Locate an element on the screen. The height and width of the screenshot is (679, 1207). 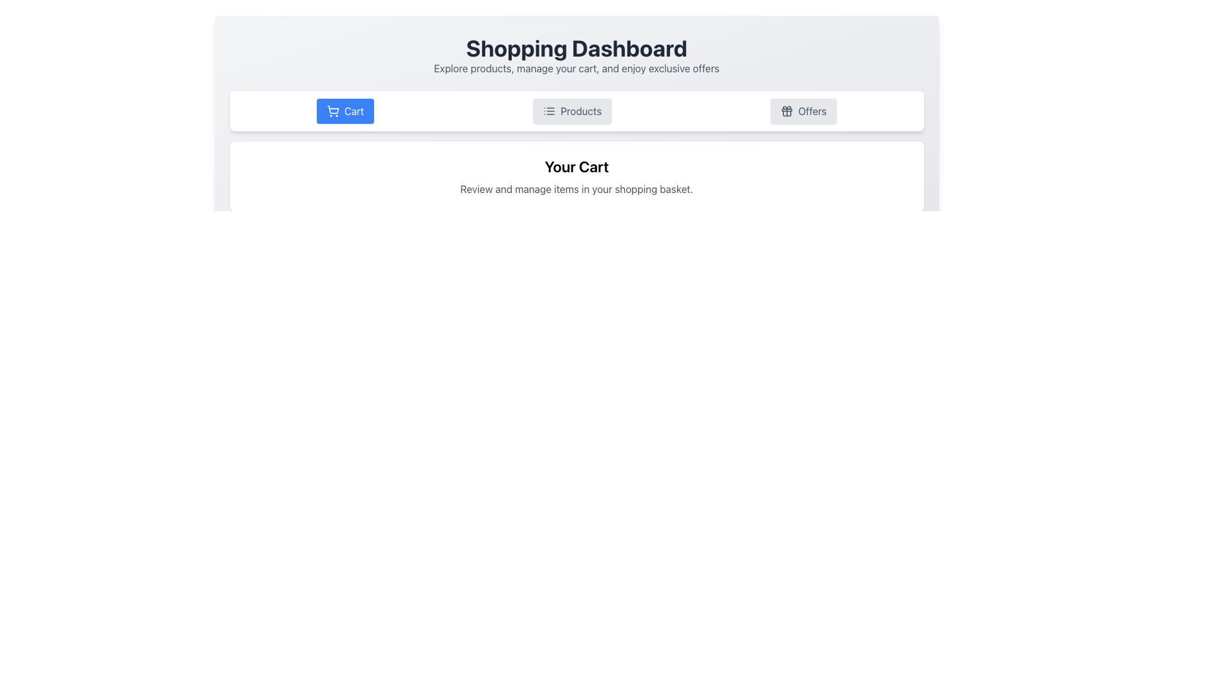
the 'Products' button located between the 'Cart' and 'Offers' buttons in the horizontal bar at the top of the page is located at coordinates (571, 111).